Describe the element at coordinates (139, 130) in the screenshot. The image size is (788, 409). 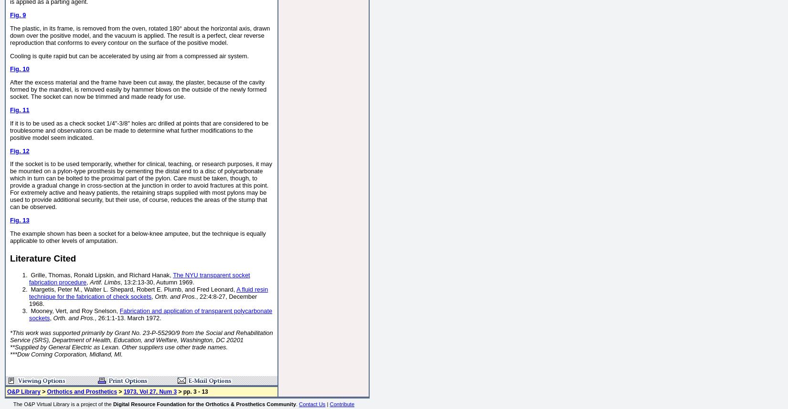
I see `'If it is to be used as a check socket 1/4"-3/8" holes arc drilled at points that are considered to be troublesome and observations can be made to determine what further modifications to the positive model seem indicated.'` at that location.